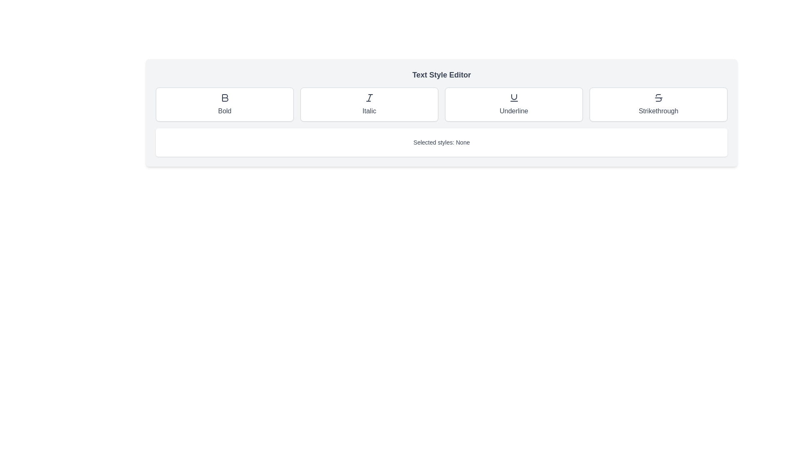 This screenshot has width=800, height=450. What do you see at coordinates (658, 110) in the screenshot?
I see `text content of the 'Strikethrough' label, which is a medium-sized font text located at the bottom section of a button, positioned to the right of the 'Underline' button` at bounding box center [658, 110].